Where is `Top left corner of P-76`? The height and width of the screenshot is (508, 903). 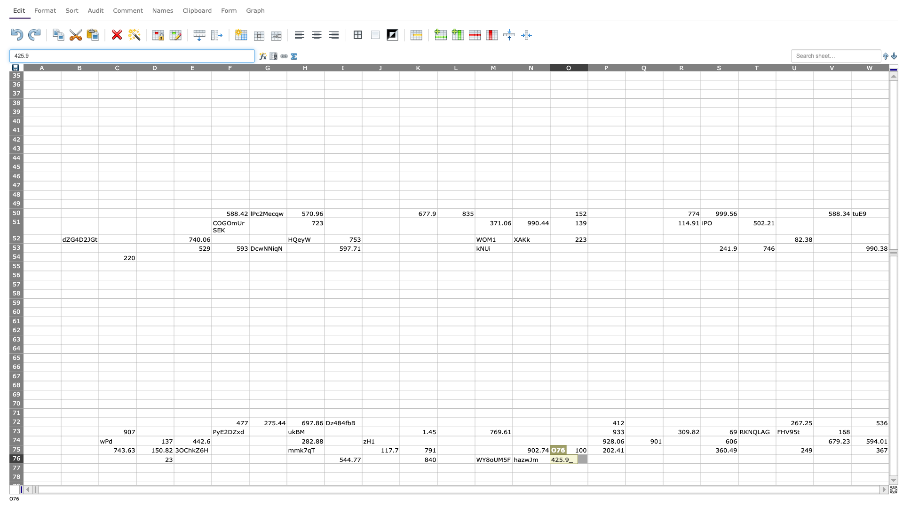
Top left corner of P-76 is located at coordinates (587, 453).